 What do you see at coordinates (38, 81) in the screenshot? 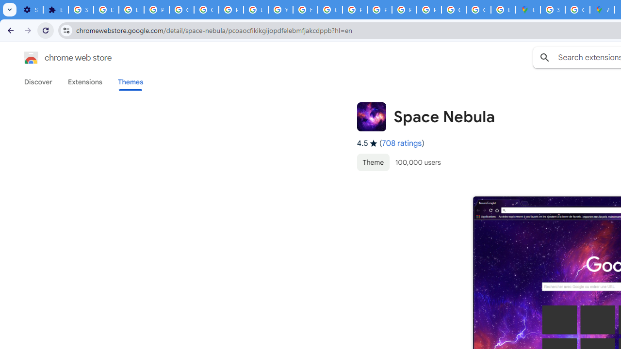
I see `'Discover'` at bounding box center [38, 81].